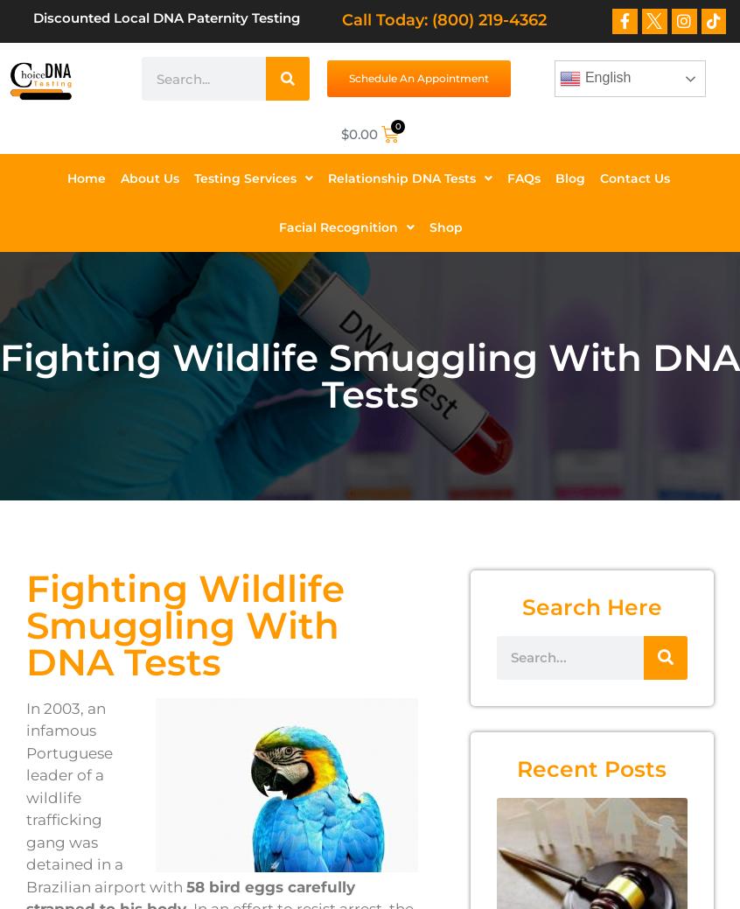  What do you see at coordinates (149, 178) in the screenshot?
I see `'About Us'` at bounding box center [149, 178].